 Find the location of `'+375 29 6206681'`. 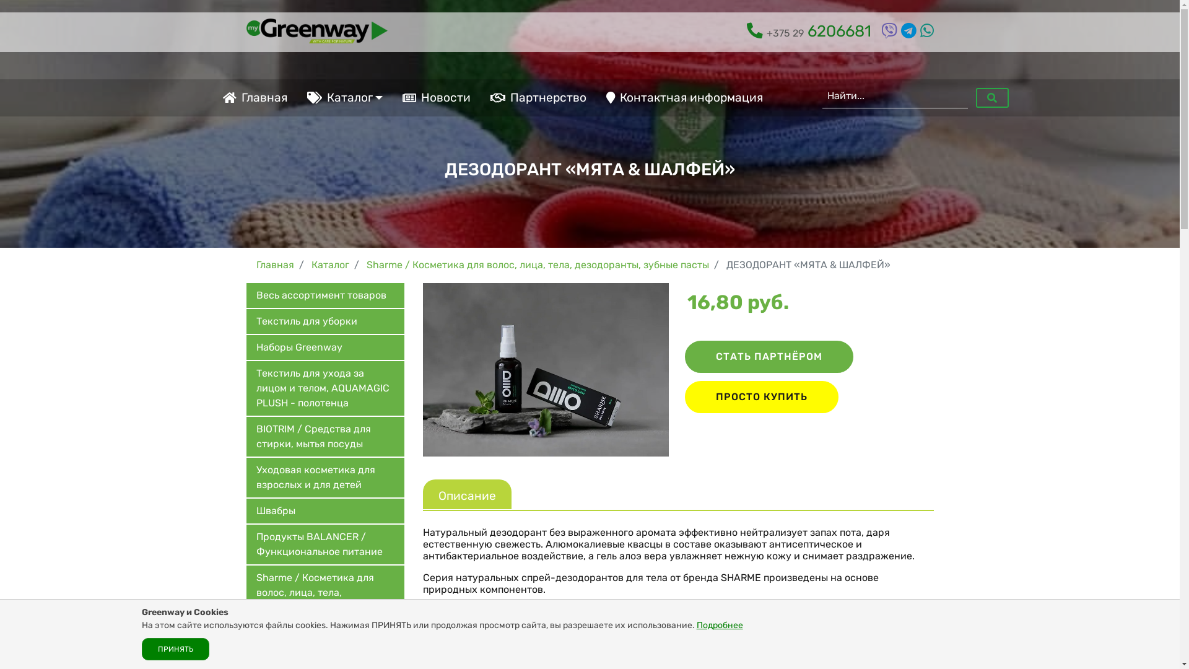

'+375 29 6206681' is located at coordinates (745, 30).